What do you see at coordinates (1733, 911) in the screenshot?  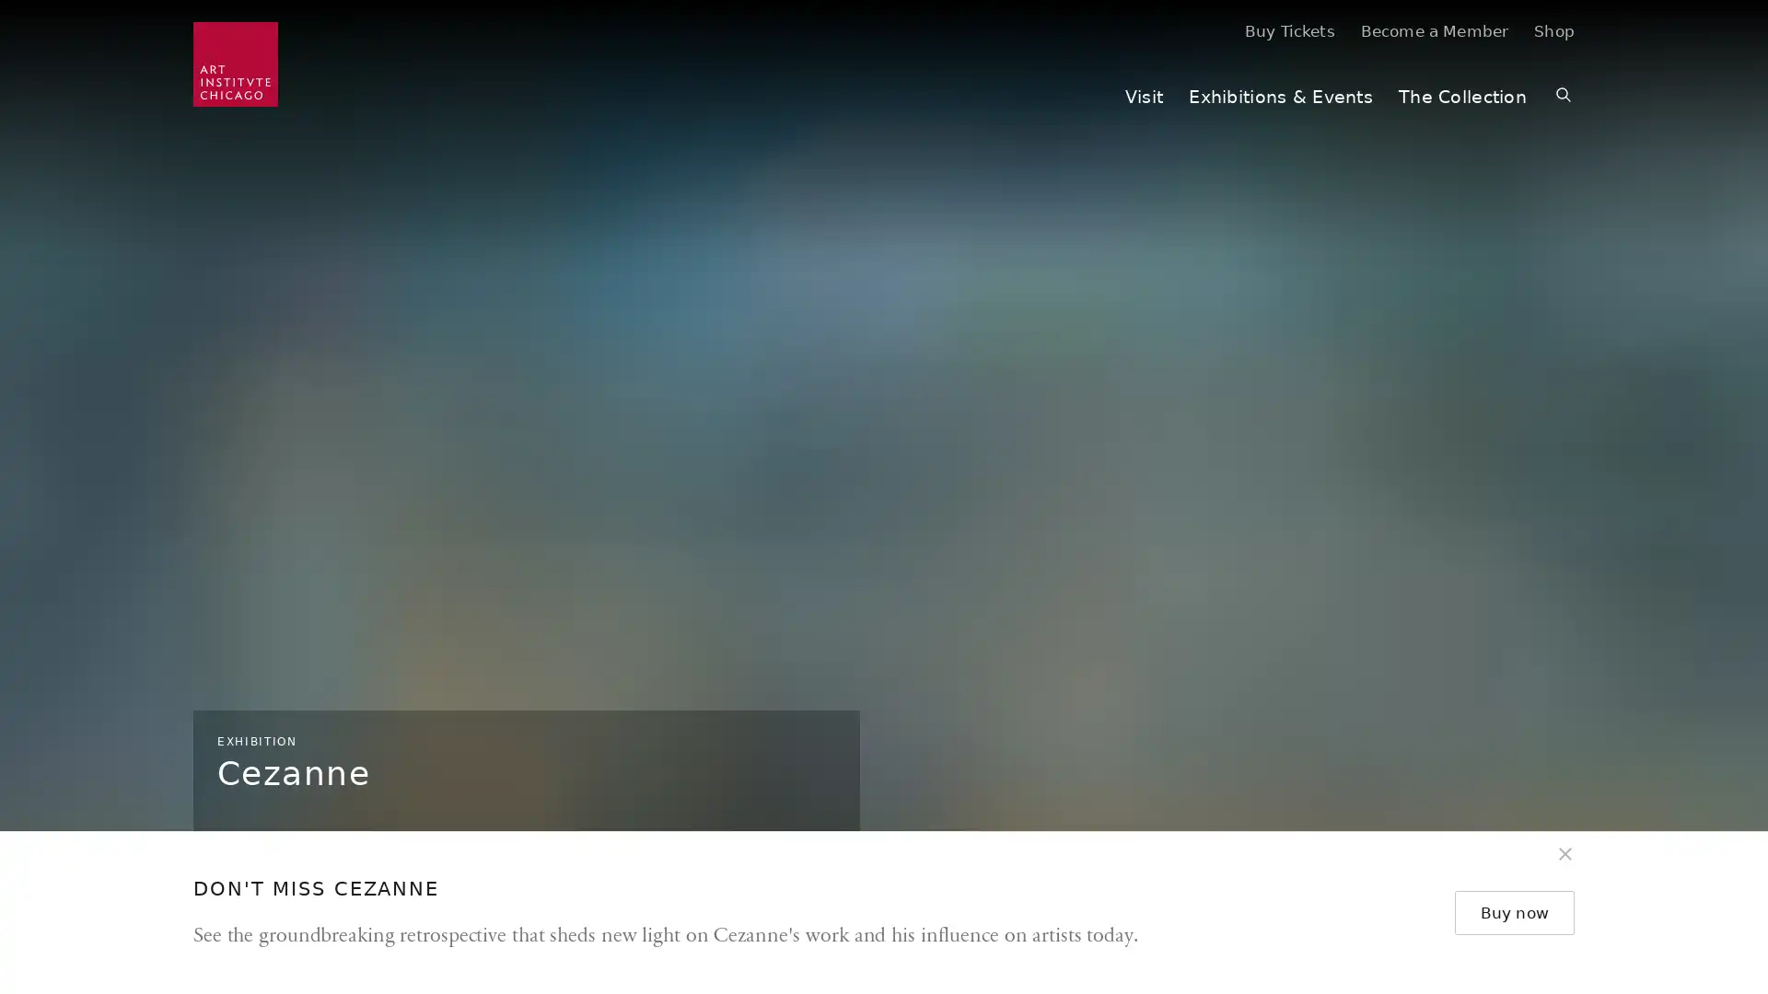 I see `Play video` at bounding box center [1733, 911].